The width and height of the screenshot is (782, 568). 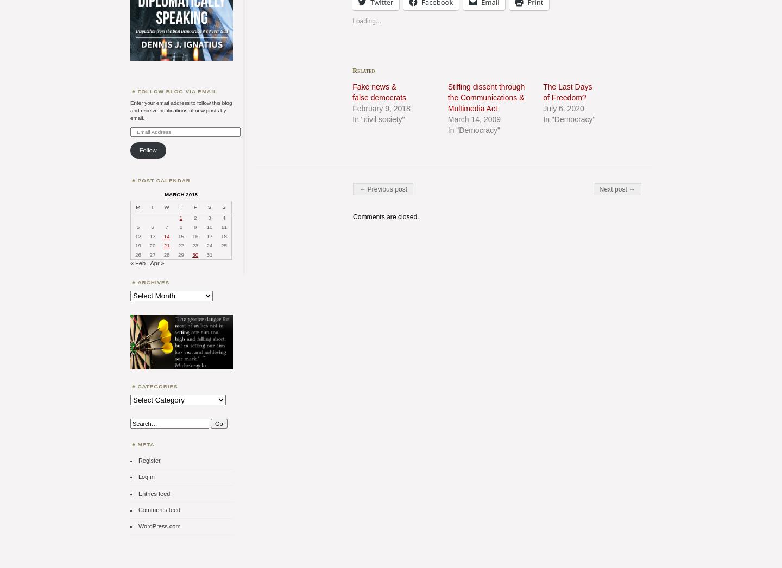 I want to click on 'Loading...', so click(x=367, y=20).